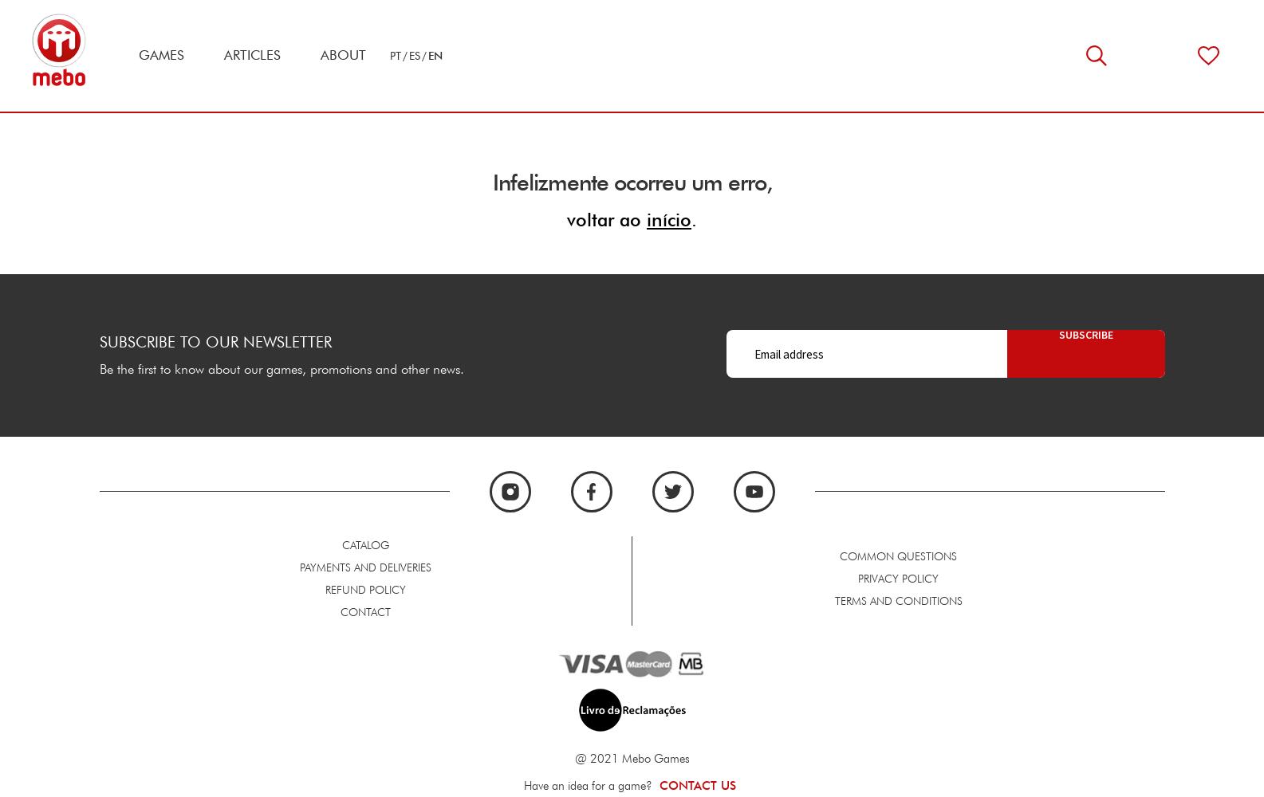 Image resolution: width=1264 pixels, height=797 pixels. Describe the element at coordinates (253, 779) in the screenshot. I see `'PASSWORD'` at that location.